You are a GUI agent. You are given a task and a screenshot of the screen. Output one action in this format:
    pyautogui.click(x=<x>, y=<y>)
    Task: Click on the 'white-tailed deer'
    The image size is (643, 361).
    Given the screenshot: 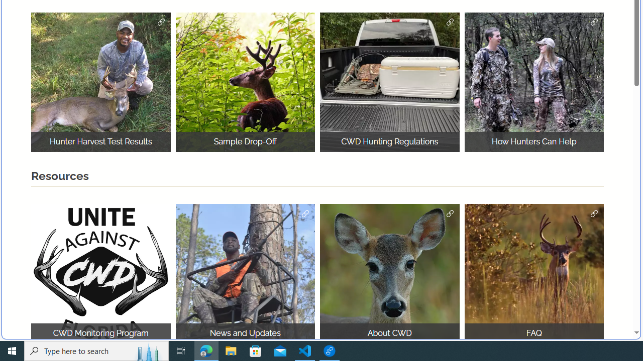 What is the action you would take?
    pyautogui.click(x=389, y=273)
    